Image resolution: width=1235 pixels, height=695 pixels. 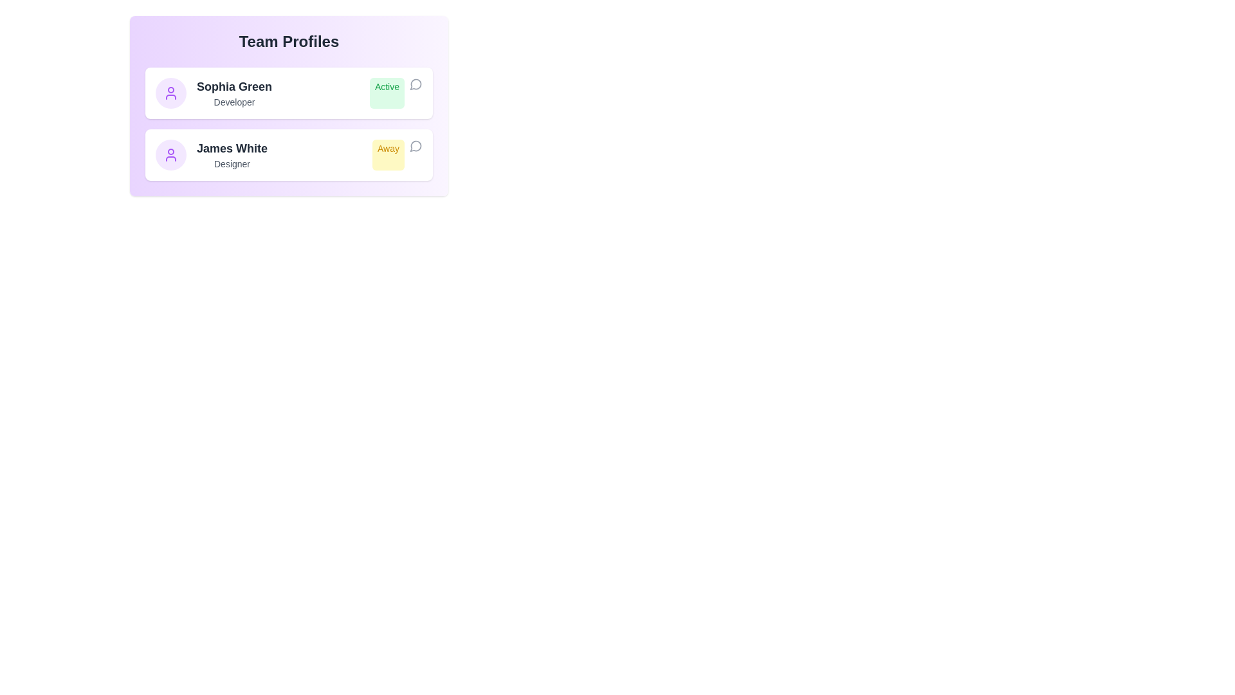 I want to click on the text block displaying 'Sophia Green' and 'Developer' located in the first row of the team profiles list, so click(x=234, y=93).